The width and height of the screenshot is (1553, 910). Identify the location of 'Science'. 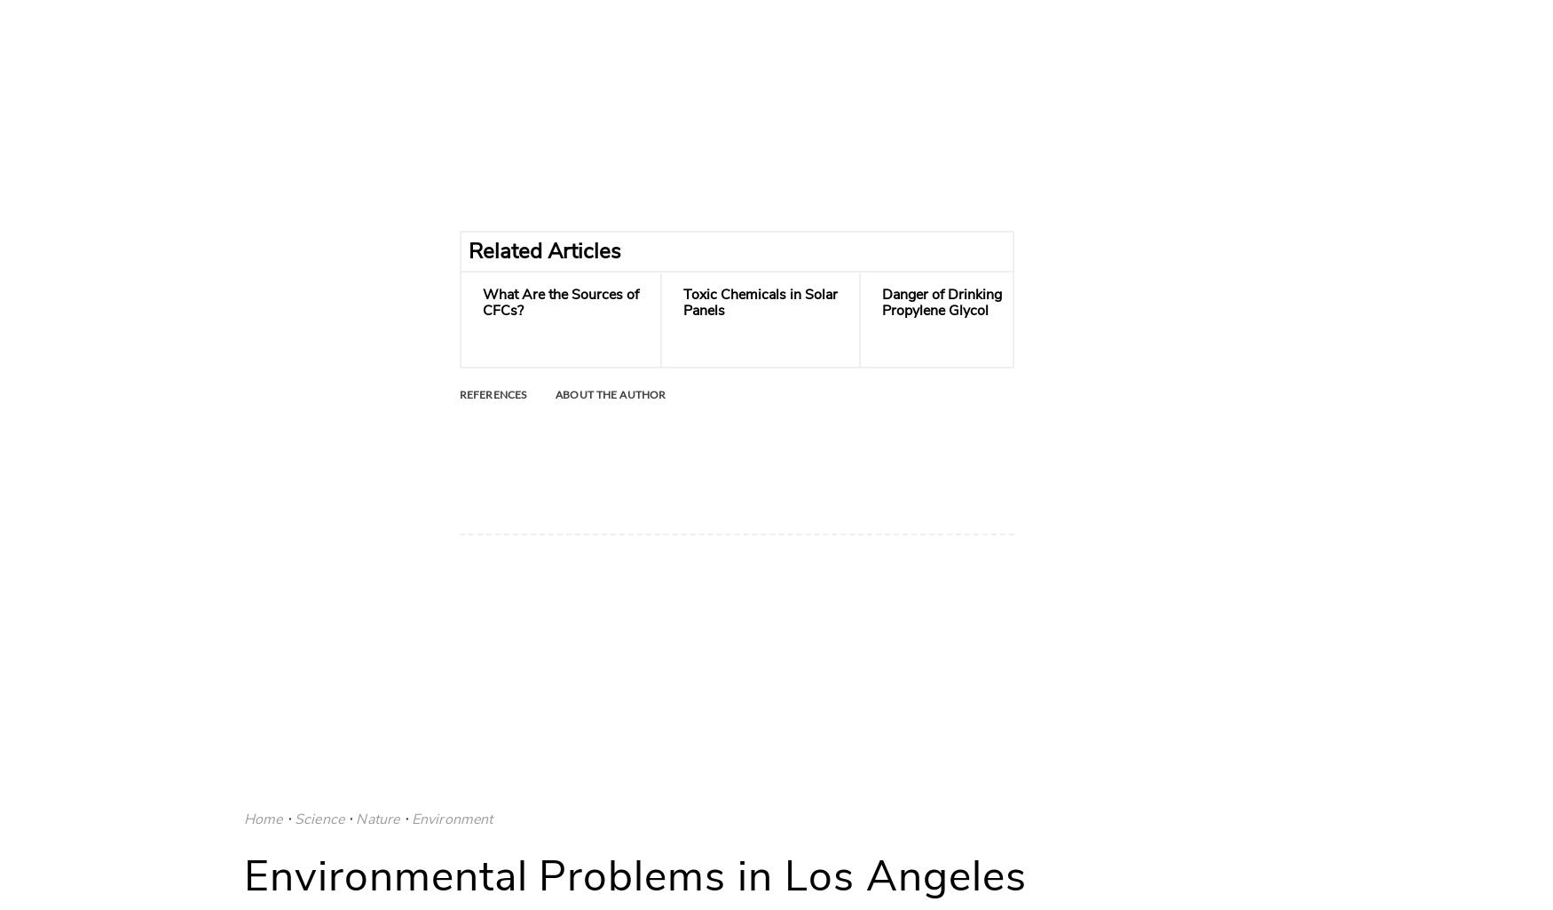
(319, 817).